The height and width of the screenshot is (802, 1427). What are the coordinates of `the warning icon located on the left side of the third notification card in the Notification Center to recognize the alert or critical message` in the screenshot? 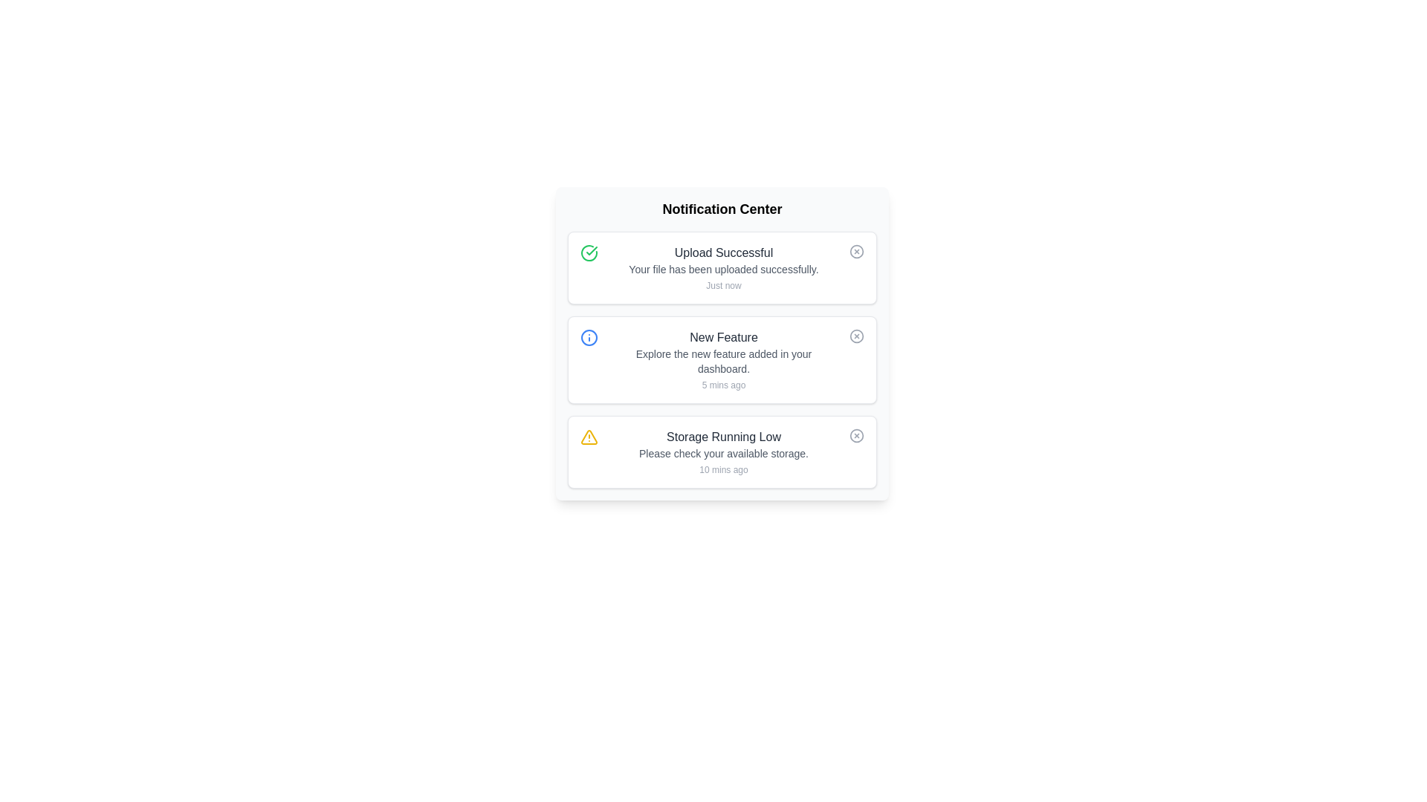 It's located at (588, 437).